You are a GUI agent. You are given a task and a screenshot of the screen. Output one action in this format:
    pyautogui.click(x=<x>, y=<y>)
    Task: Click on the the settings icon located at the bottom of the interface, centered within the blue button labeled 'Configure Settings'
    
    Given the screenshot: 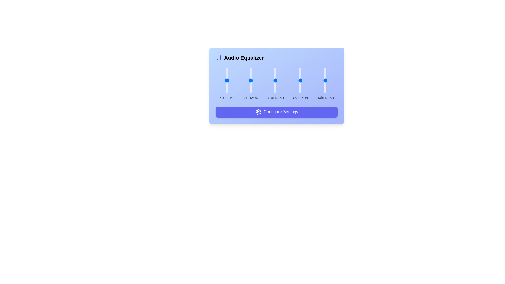 What is the action you would take?
    pyautogui.click(x=258, y=112)
    